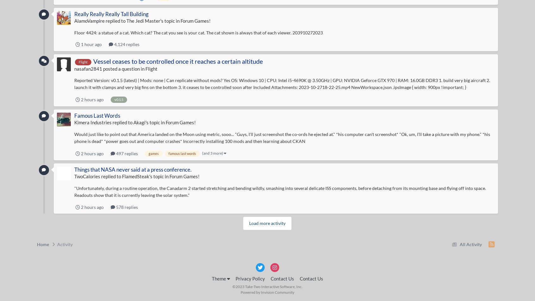  What do you see at coordinates (181, 153) in the screenshot?
I see `'famous last words'` at bounding box center [181, 153].